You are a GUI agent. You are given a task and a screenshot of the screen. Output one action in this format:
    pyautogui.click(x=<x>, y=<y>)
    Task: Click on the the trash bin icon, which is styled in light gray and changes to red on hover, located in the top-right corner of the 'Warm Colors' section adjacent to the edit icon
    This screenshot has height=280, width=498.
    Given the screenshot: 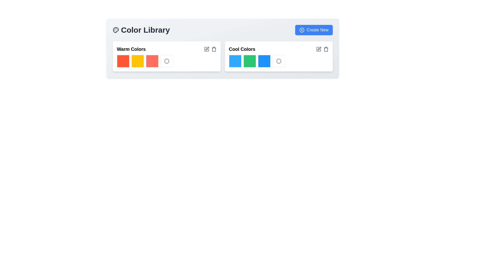 What is the action you would take?
    pyautogui.click(x=214, y=49)
    